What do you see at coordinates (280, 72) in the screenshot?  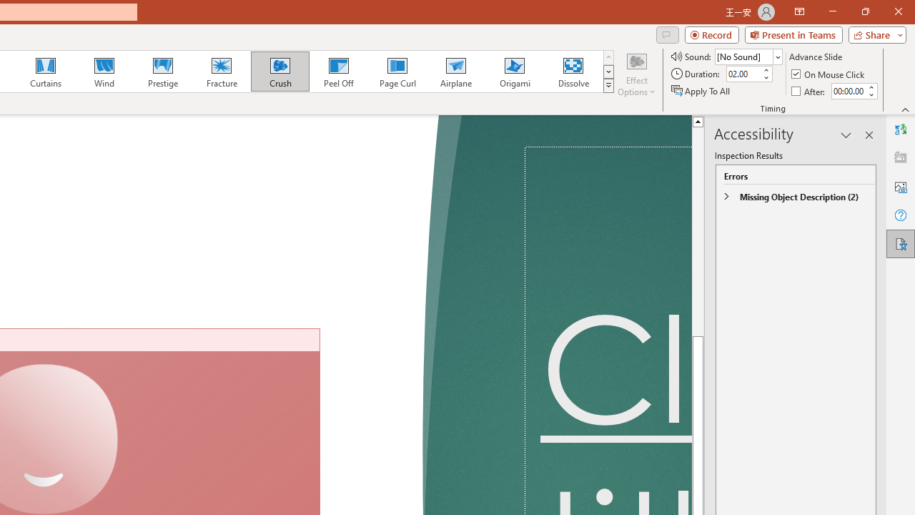 I see `'Crush'` at bounding box center [280, 72].